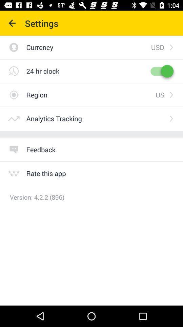  What do you see at coordinates (88, 47) in the screenshot?
I see `the currency icon` at bounding box center [88, 47].